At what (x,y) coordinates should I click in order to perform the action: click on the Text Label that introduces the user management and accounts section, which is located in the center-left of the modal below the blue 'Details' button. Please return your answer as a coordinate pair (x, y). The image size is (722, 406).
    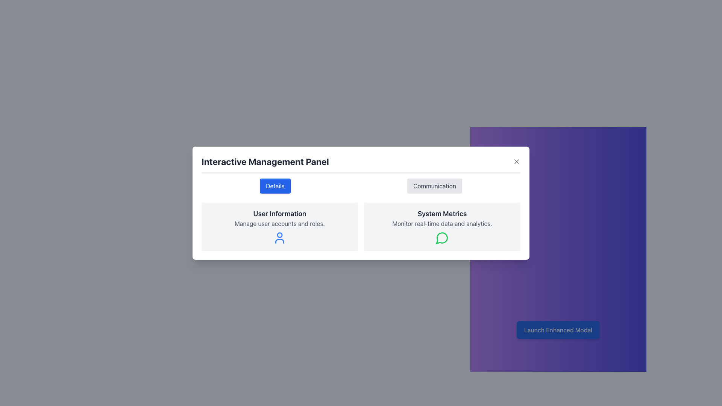
    Looking at the image, I should click on (279, 214).